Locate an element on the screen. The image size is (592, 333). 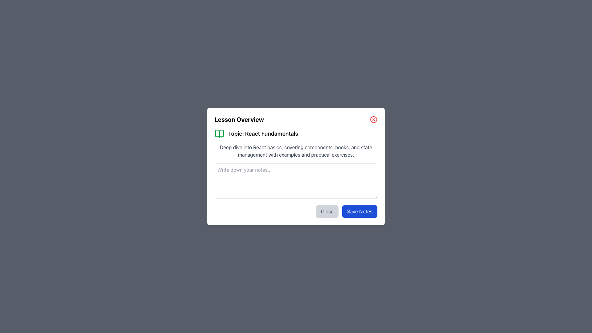
the 'Close' button, a gray rectangular button with rounded corners located at the bottom-right of a modal window is located at coordinates (327, 211).